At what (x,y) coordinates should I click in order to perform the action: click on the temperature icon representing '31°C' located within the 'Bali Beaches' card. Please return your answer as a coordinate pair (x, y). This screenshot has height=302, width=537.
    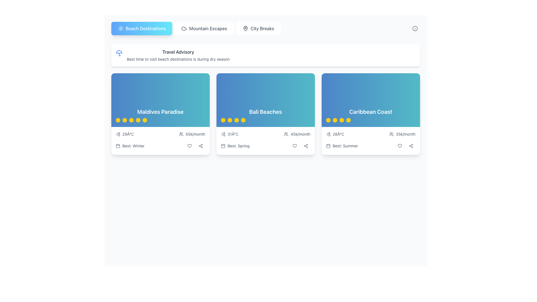
    Looking at the image, I should click on (223, 134).